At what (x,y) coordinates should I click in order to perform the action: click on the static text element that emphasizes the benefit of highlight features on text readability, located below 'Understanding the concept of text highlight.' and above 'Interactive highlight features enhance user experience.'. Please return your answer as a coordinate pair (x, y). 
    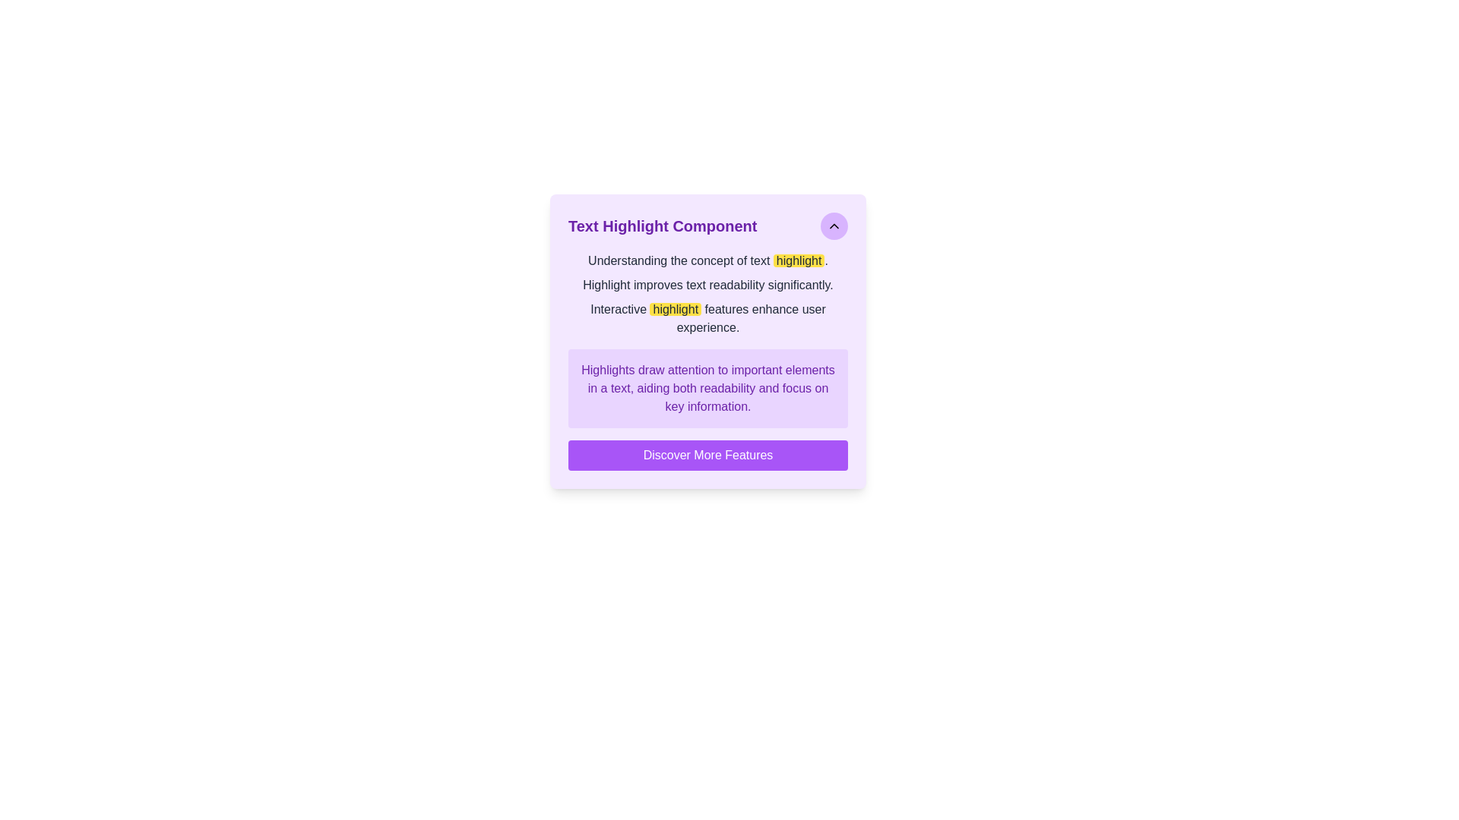
    Looking at the image, I should click on (707, 285).